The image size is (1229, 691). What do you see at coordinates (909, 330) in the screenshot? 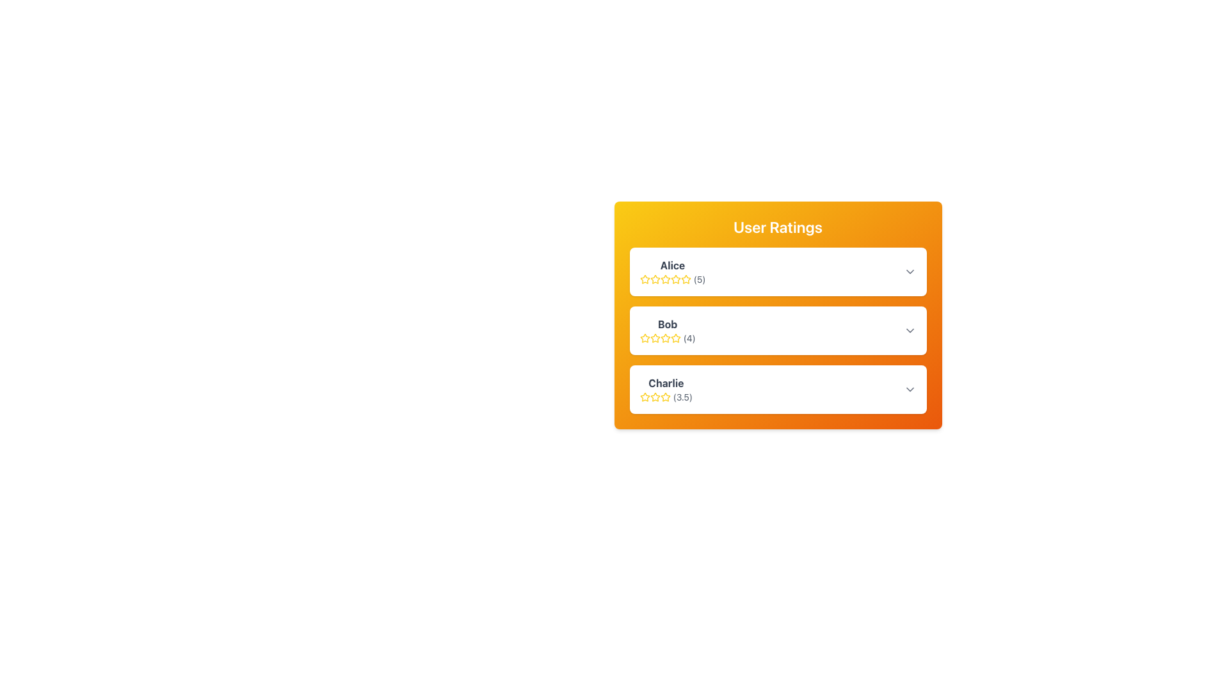
I see `the downward-facing chevron icon button associated with the 'Bob' rating section` at bounding box center [909, 330].